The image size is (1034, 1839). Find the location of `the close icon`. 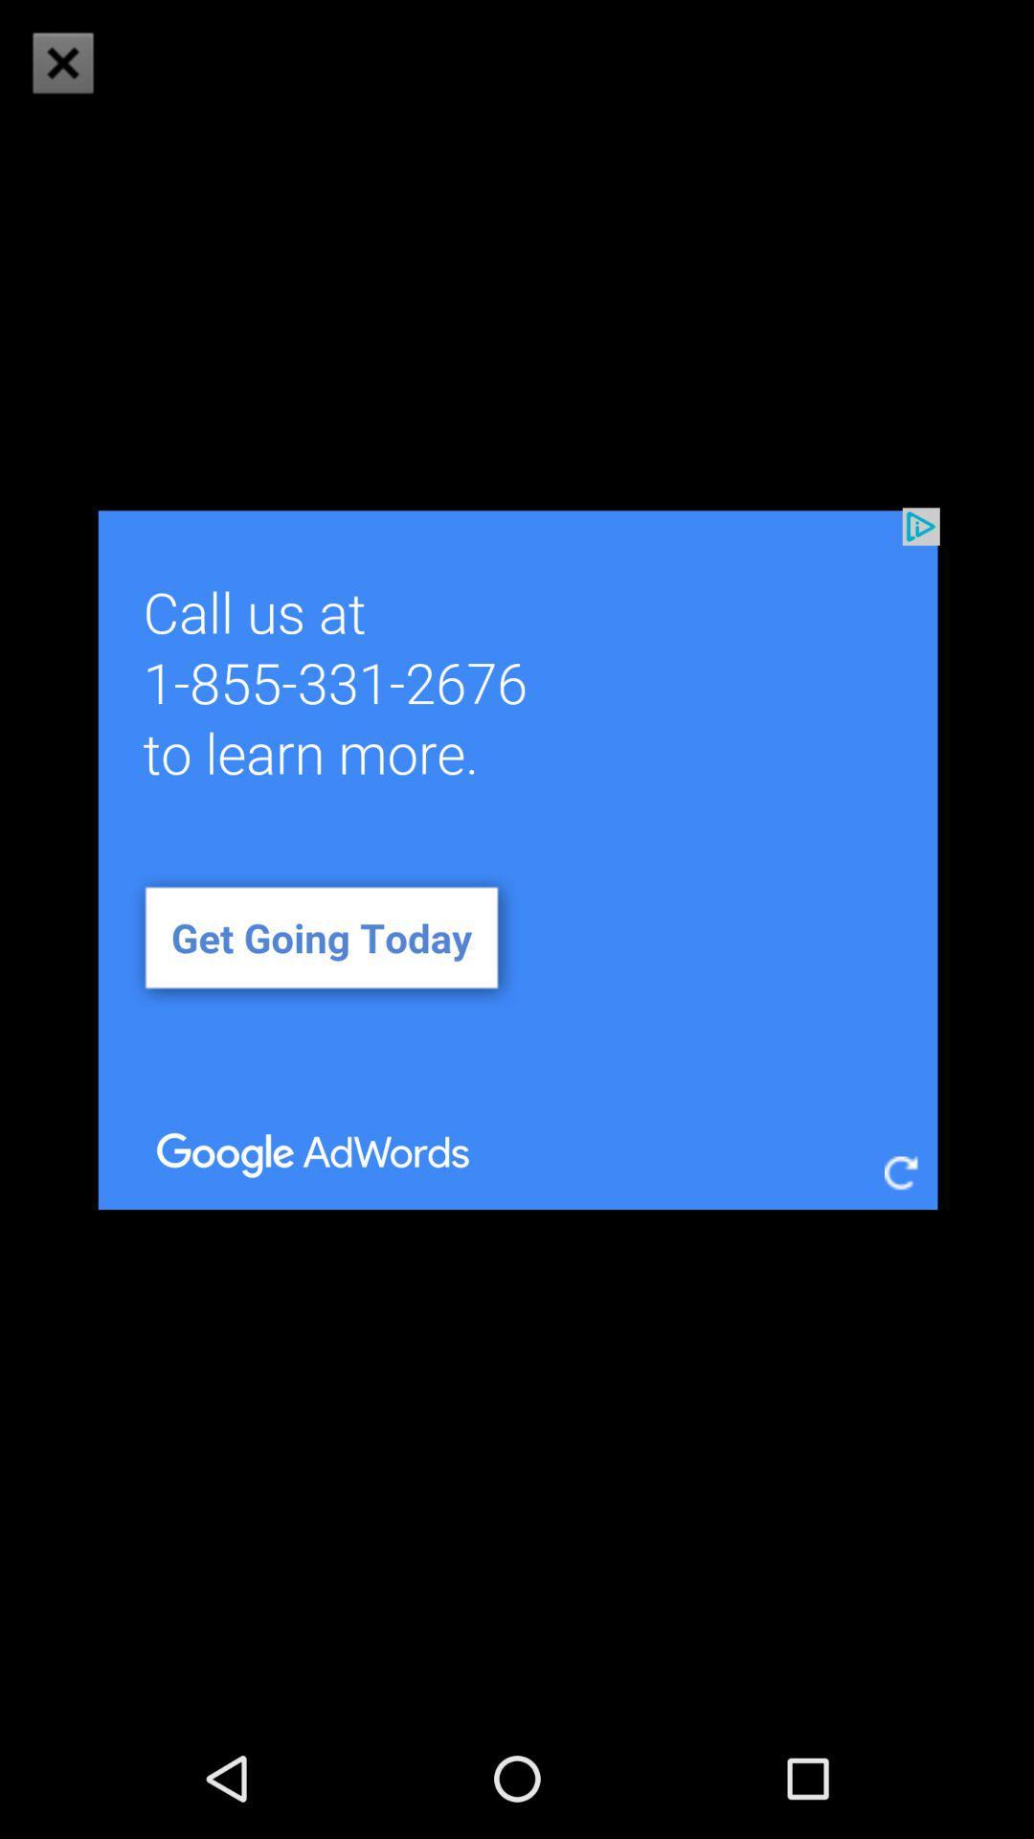

the close icon is located at coordinates (61, 62).